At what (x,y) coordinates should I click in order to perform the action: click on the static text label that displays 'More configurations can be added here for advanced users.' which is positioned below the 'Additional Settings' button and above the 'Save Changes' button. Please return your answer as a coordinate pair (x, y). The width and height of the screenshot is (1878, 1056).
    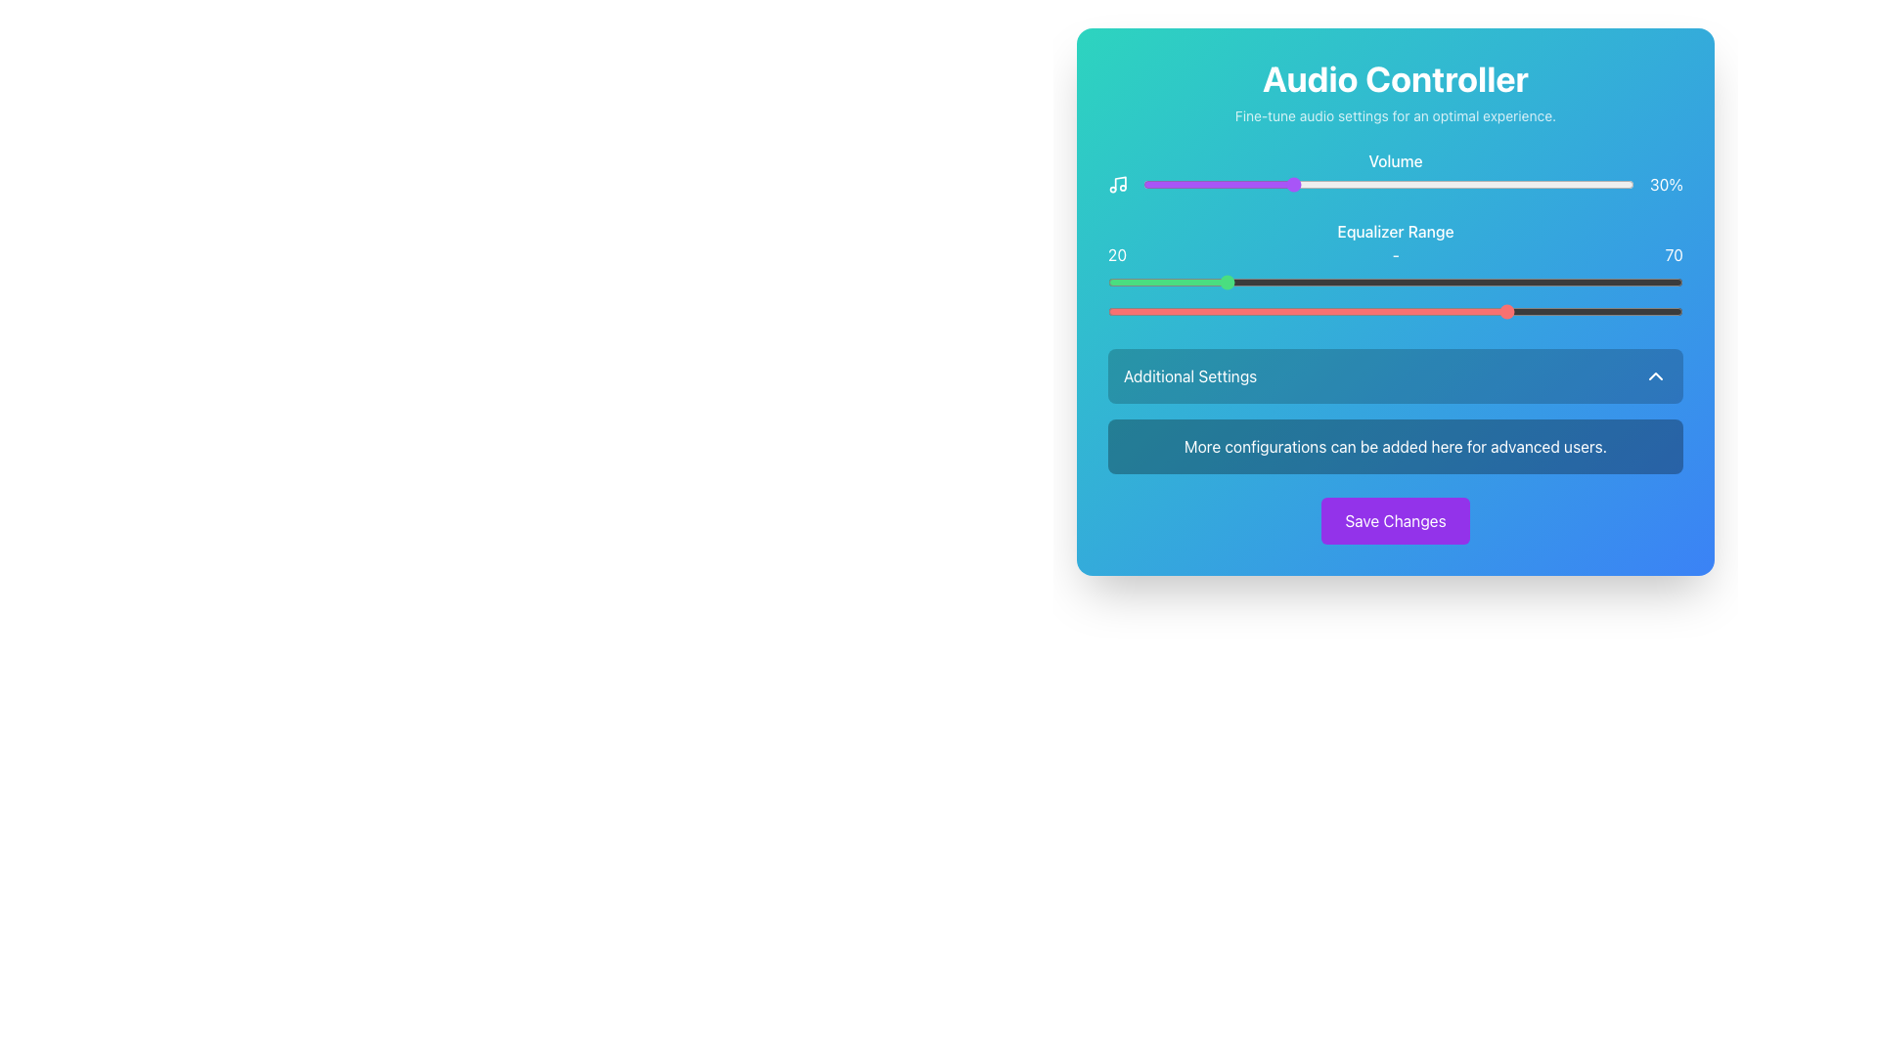
    Looking at the image, I should click on (1394, 446).